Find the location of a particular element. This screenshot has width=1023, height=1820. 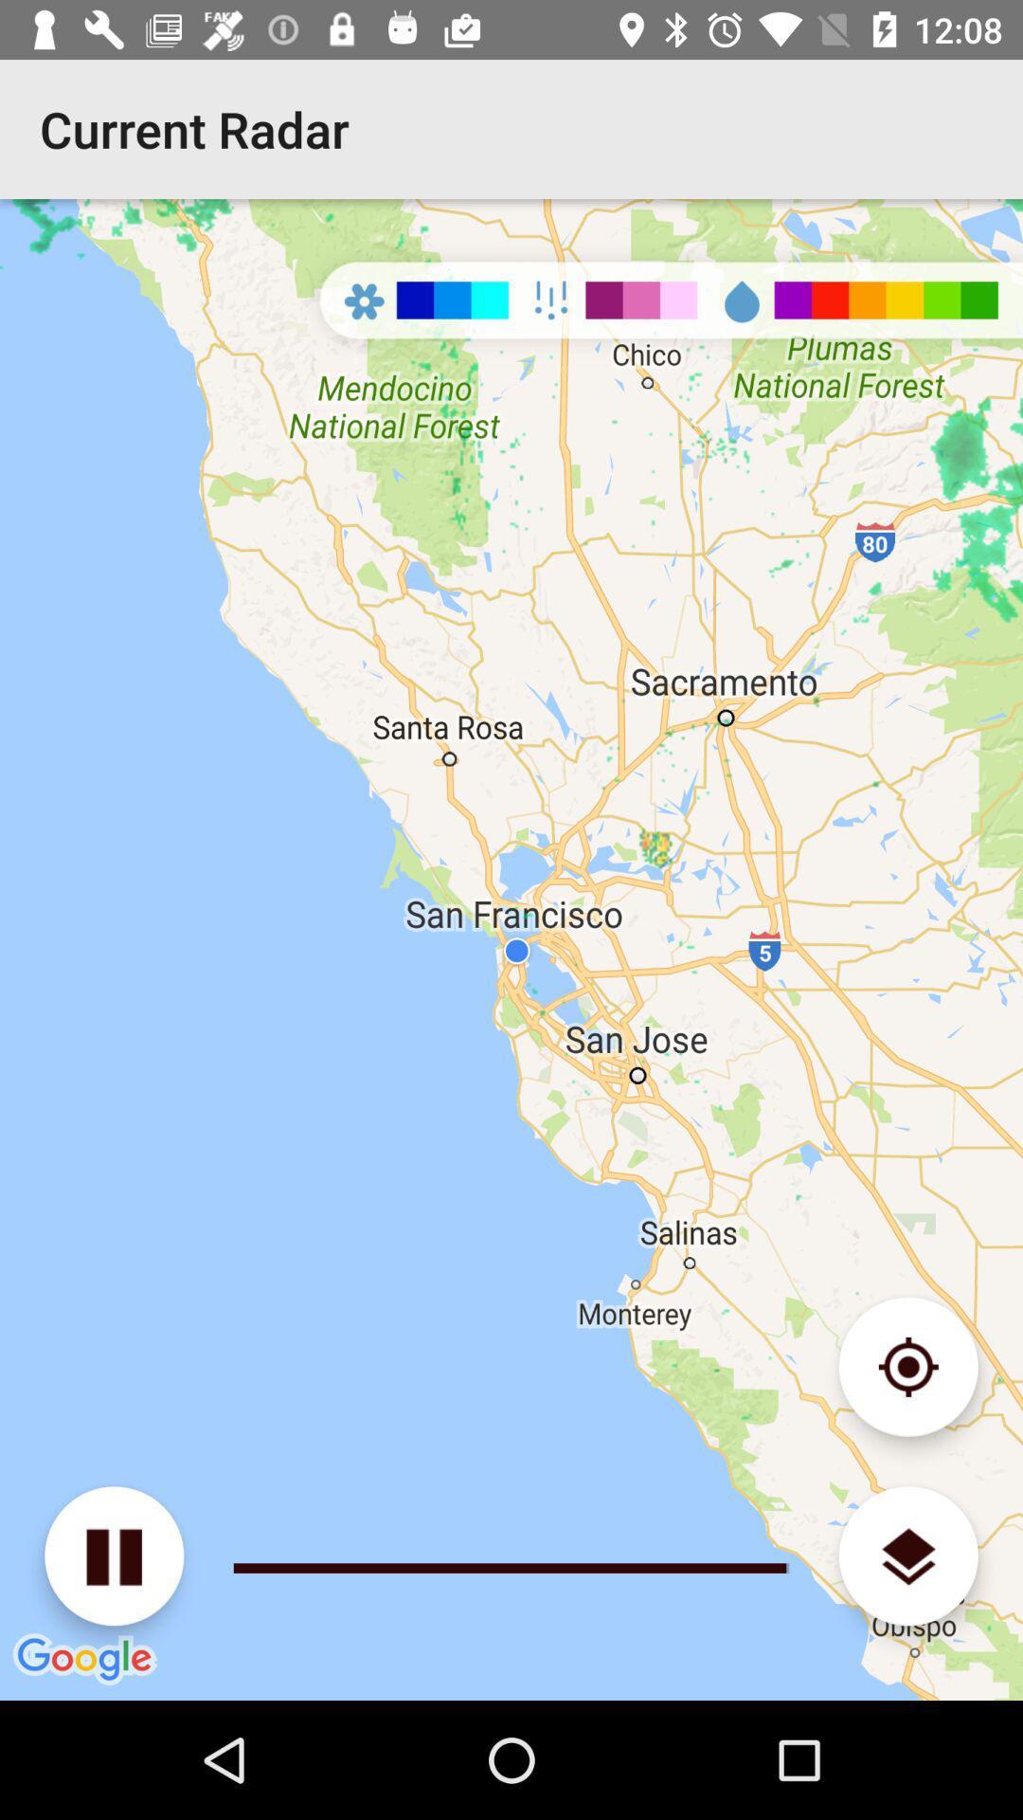

switch map layer is located at coordinates (907, 1556).